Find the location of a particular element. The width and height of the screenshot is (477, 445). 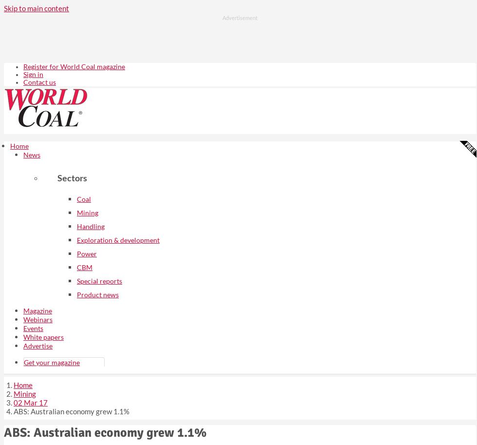

'Coal' is located at coordinates (76, 198).